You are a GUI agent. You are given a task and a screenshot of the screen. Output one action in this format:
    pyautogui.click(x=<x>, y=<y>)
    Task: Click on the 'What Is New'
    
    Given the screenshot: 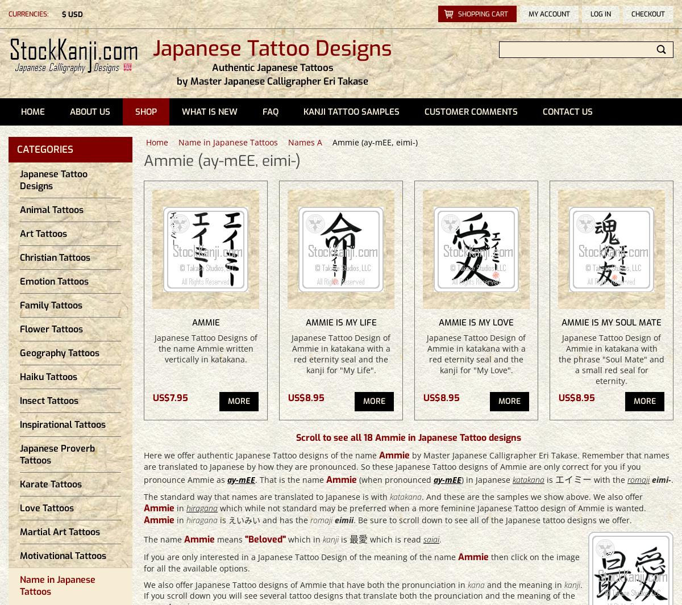 What is the action you would take?
    pyautogui.click(x=210, y=111)
    